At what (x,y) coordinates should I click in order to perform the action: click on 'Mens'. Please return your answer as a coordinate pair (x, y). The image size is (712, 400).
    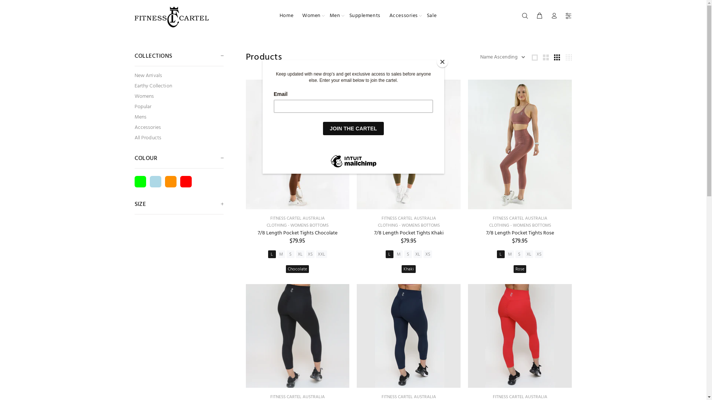
    Looking at the image, I should click on (134, 117).